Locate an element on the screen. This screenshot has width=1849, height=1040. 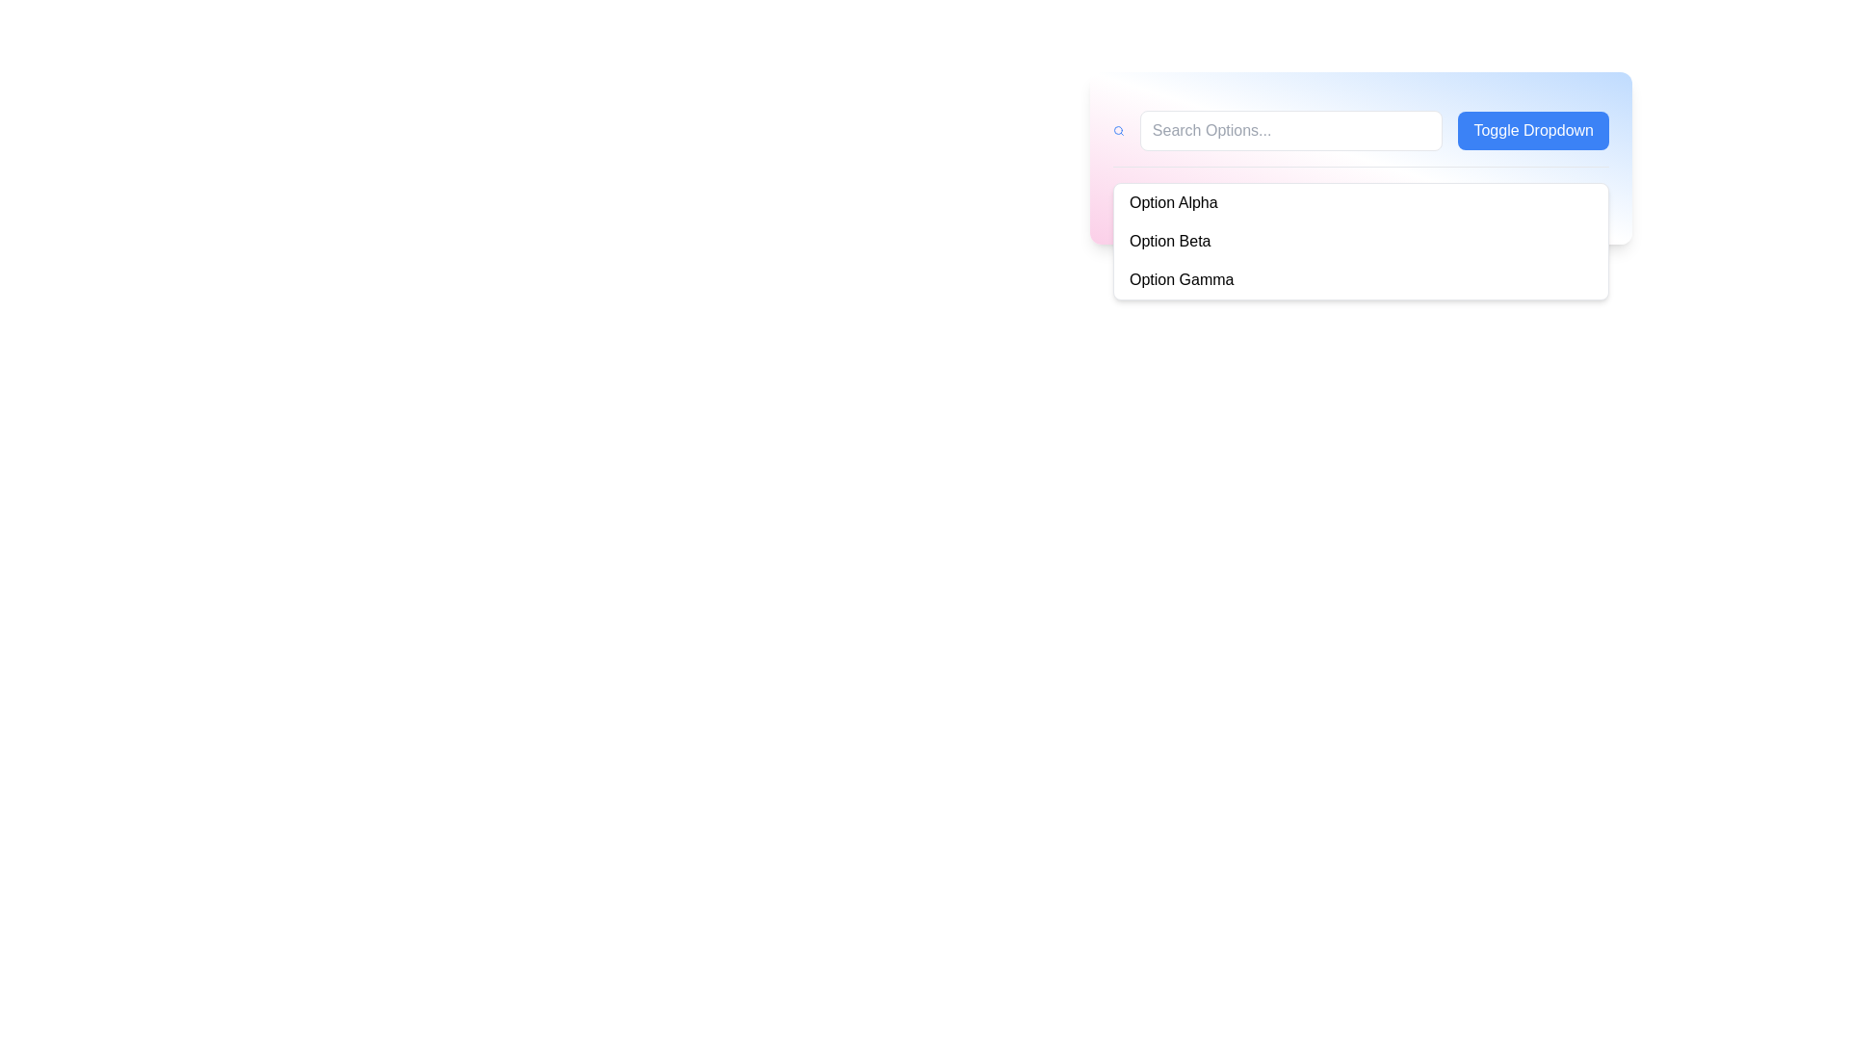
the selectable dropdown option labeled 'Option Beta' is located at coordinates (1360, 240).